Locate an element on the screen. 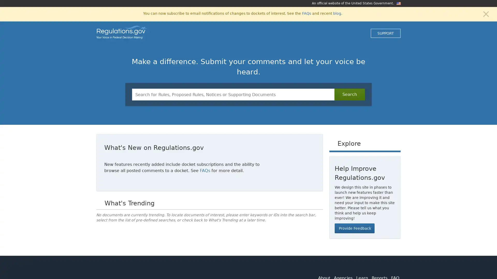 Image resolution: width=497 pixels, height=279 pixels. Search is located at coordinates (349, 95).